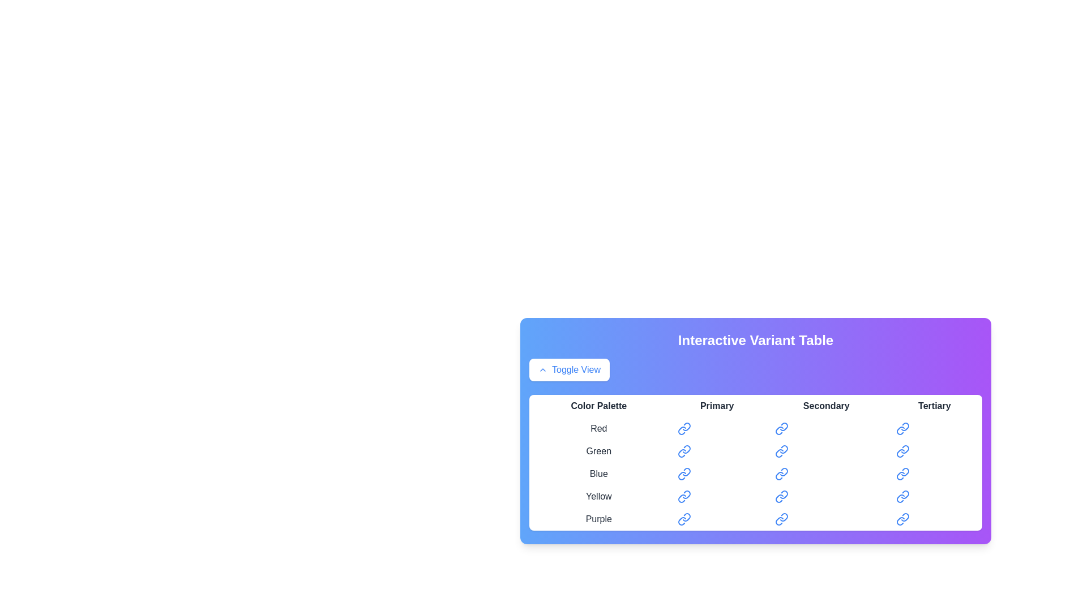 The width and height of the screenshot is (1087, 611). Describe the element at coordinates (902, 429) in the screenshot. I see `the Hyperlink Icon, which is an SVG styled as a link symbol located in the 'Tertiary' column under the 'Red' row of the Interactive Variant Table` at that location.